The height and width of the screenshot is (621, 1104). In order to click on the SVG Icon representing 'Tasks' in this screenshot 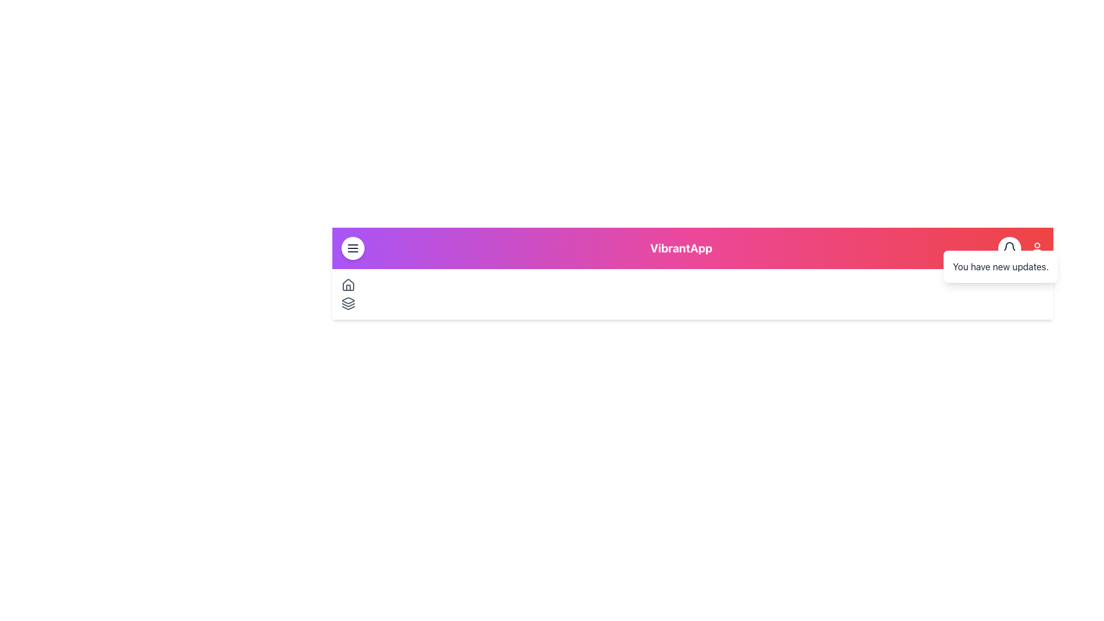, I will do `click(347, 303)`.